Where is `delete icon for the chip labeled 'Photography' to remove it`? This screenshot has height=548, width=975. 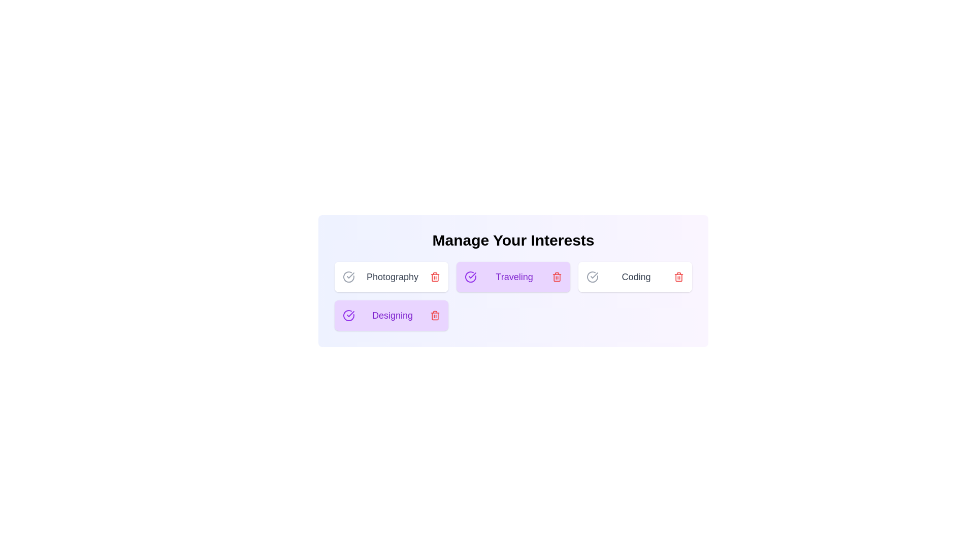 delete icon for the chip labeled 'Photography' to remove it is located at coordinates (435, 277).